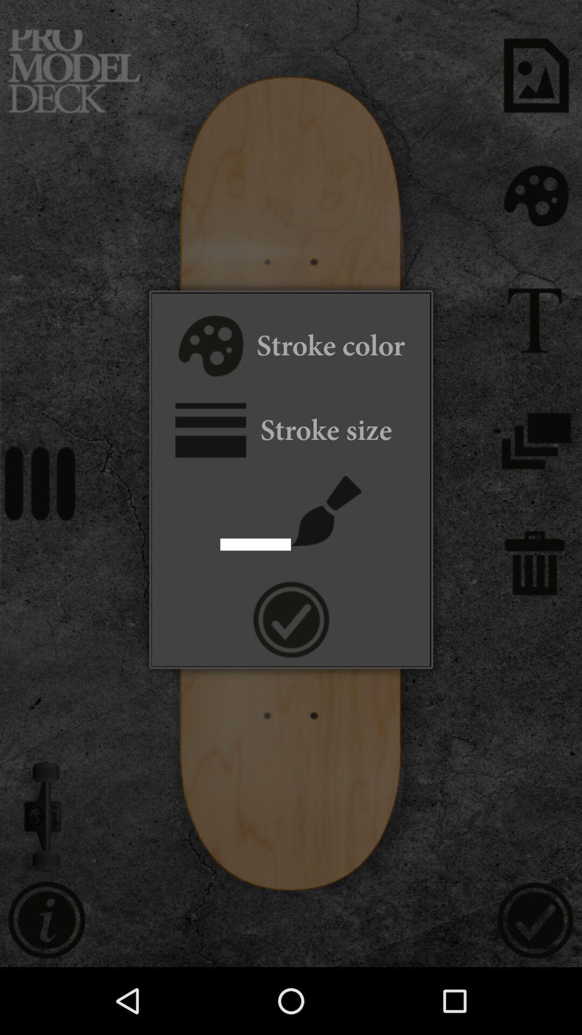 This screenshot has height=1035, width=582. What do you see at coordinates (325, 510) in the screenshot?
I see `paintbrush` at bounding box center [325, 510].